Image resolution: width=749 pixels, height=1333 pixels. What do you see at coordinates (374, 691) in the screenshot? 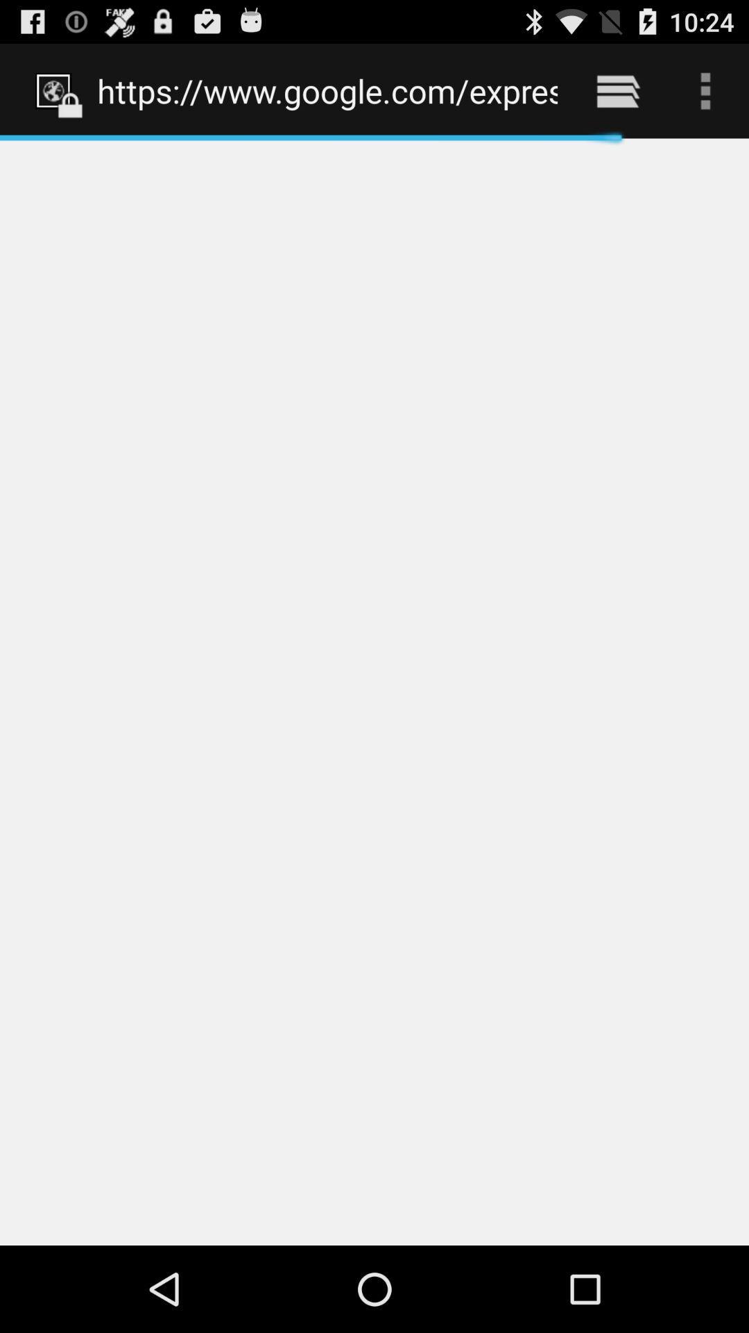
I see `item below the https www google item` at bounding box center [374, 691].